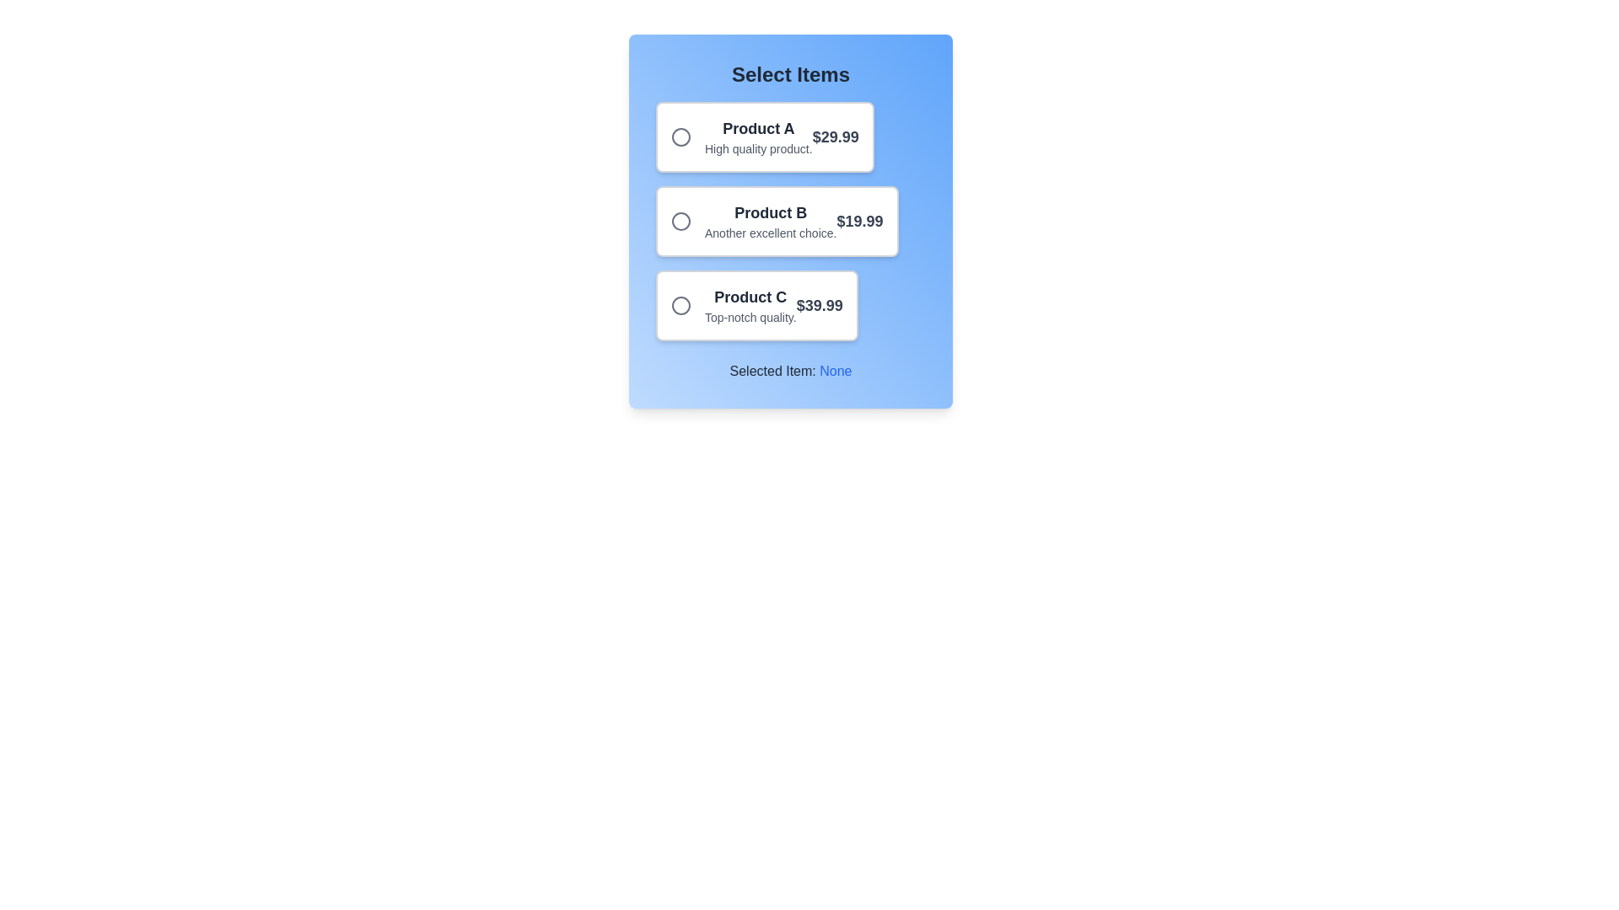  Describe the element at coordinates (680, 305) in the screenshot. I see `the circular SVG graphic that represents 'Product C - $39.99', positioned to the left of the product's name in the interactive product selection card` at that location.